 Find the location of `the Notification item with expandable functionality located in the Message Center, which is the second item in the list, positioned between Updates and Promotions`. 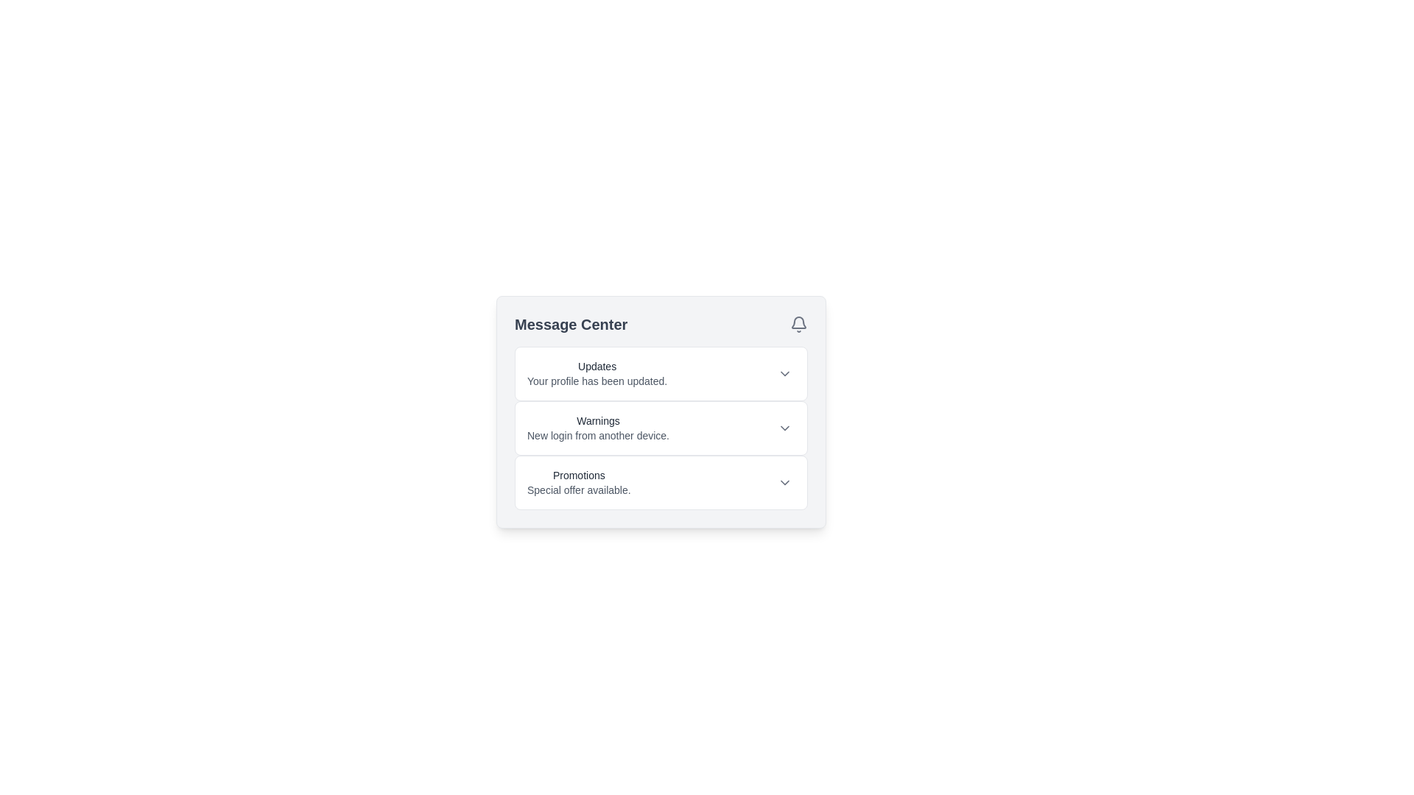

the Notification item with expandable functionality located in the Message Center, which is the second item in the list, positioned between Updates and Promotions is located at coordinates (660, 428).